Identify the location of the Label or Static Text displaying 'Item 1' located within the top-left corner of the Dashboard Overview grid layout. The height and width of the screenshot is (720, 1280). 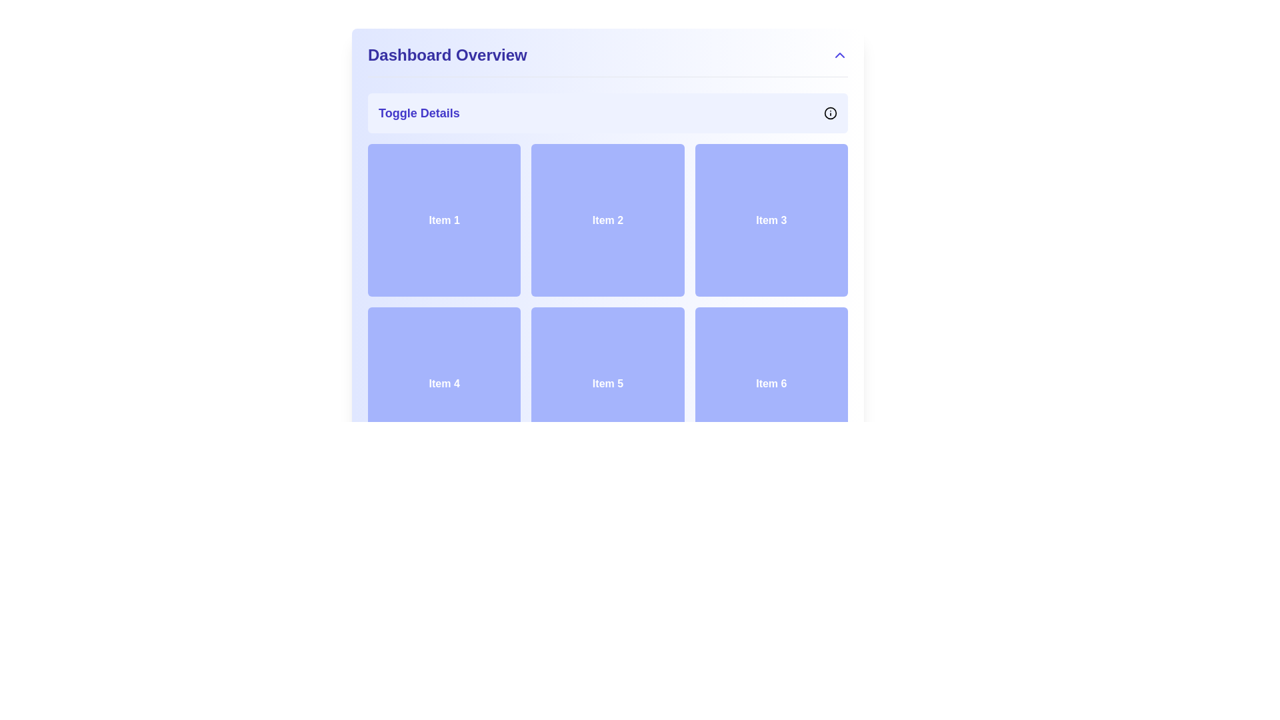
(444, 219).